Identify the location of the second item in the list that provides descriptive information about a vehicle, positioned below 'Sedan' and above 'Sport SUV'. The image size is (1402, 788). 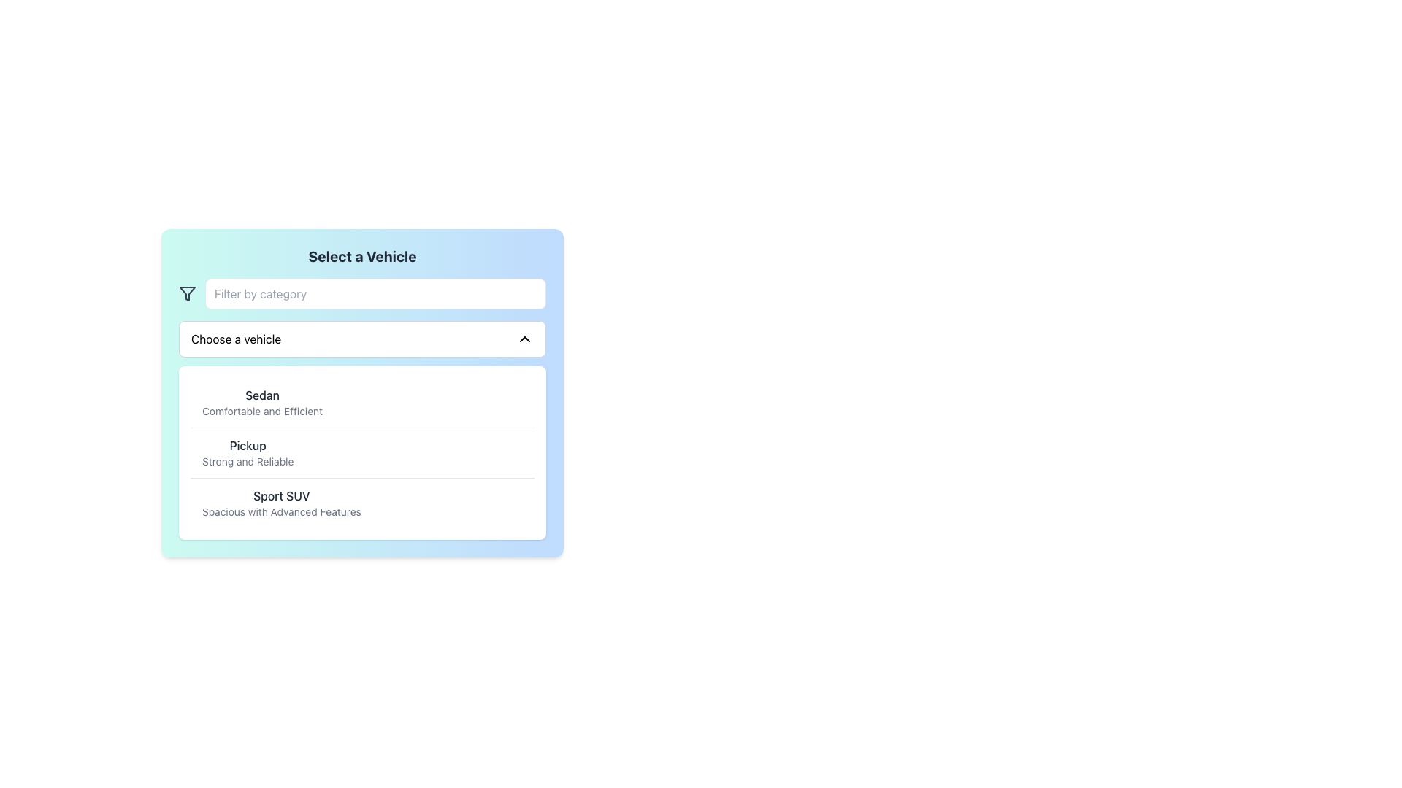
(248, 452).